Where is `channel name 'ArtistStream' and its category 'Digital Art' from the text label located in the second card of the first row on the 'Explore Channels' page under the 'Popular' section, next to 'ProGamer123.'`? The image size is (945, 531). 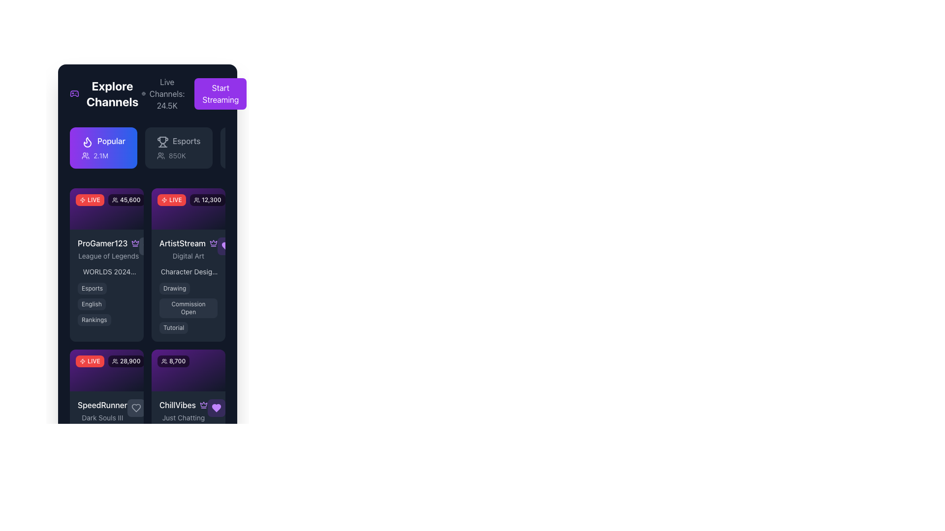 channel name 'ArtistStream' and its category 'Digital Art' from the text label located in the second card of the first row on the 'Explore Channels' page under the 'Popular' section, next to 'ProGamer123.' is located at coordinates (189, 249).